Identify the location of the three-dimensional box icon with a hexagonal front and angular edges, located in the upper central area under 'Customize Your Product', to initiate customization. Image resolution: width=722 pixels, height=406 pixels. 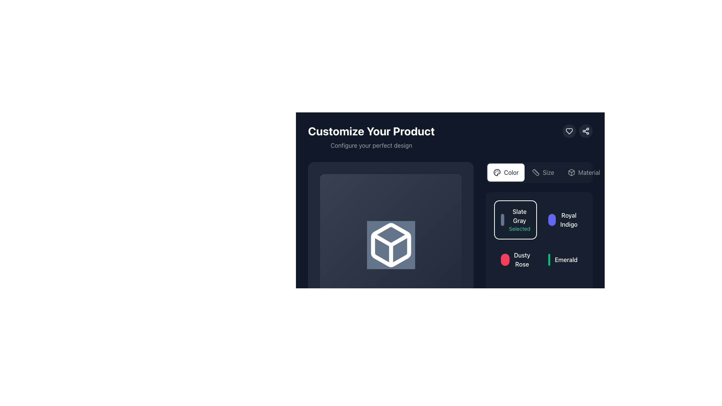
(391, 245).